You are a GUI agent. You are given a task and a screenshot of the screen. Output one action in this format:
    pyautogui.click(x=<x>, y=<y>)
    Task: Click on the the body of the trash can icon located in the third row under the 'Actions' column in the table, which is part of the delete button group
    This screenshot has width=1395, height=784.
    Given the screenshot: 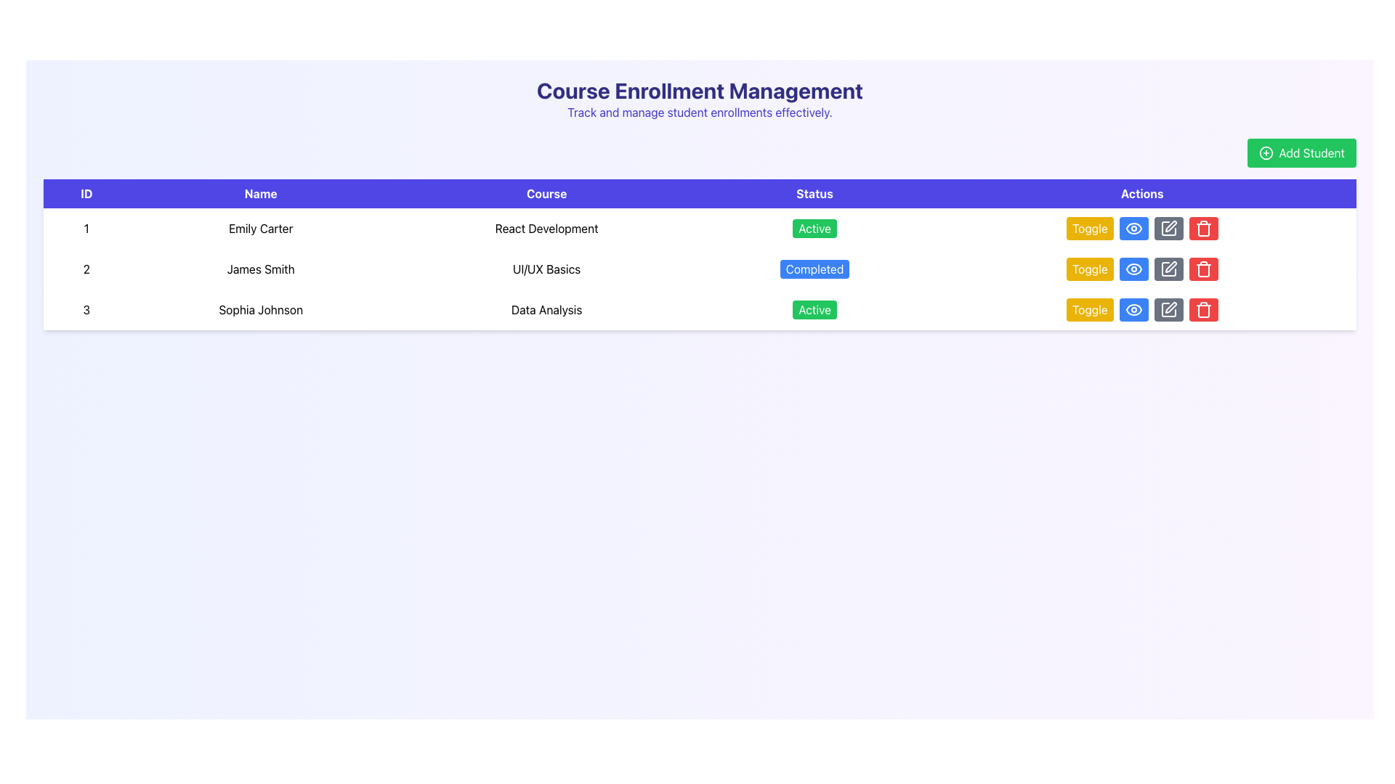 What is the action you would take?
    pyautogui.click(x=1203, y=310)
    